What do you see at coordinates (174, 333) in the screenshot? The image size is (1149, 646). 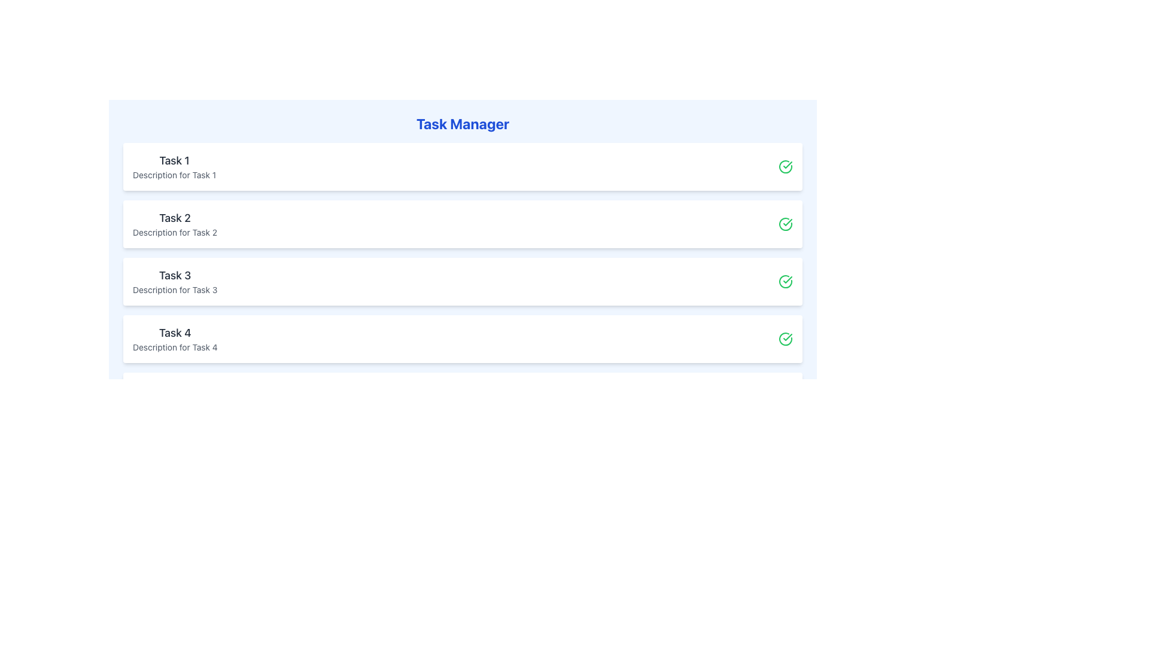 I see `the text label at the top of the fourth task card, which distinguishes it from other task cards in the list` at bounding box center [174, 333].